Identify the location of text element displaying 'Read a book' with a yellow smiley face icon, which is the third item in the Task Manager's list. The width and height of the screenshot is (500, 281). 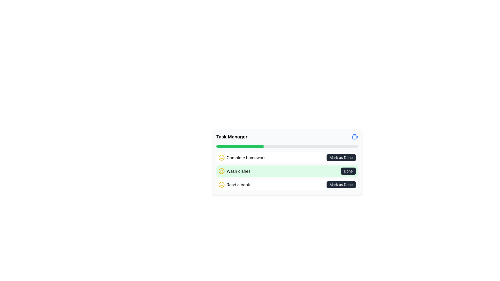
(234, 184).